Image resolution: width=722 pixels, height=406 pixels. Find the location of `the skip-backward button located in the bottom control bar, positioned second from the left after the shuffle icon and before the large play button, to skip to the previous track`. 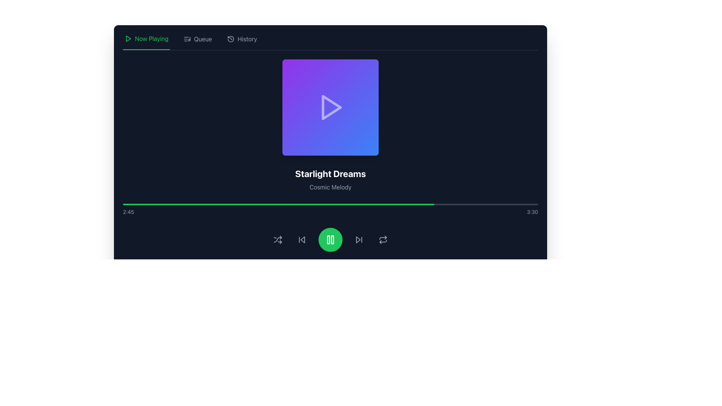

the skip-backward button located in the bottom control bar, positioned second from the left after the shuffle icon and before the large play button, to skip to the previous track is located at coordinates (302, 239).